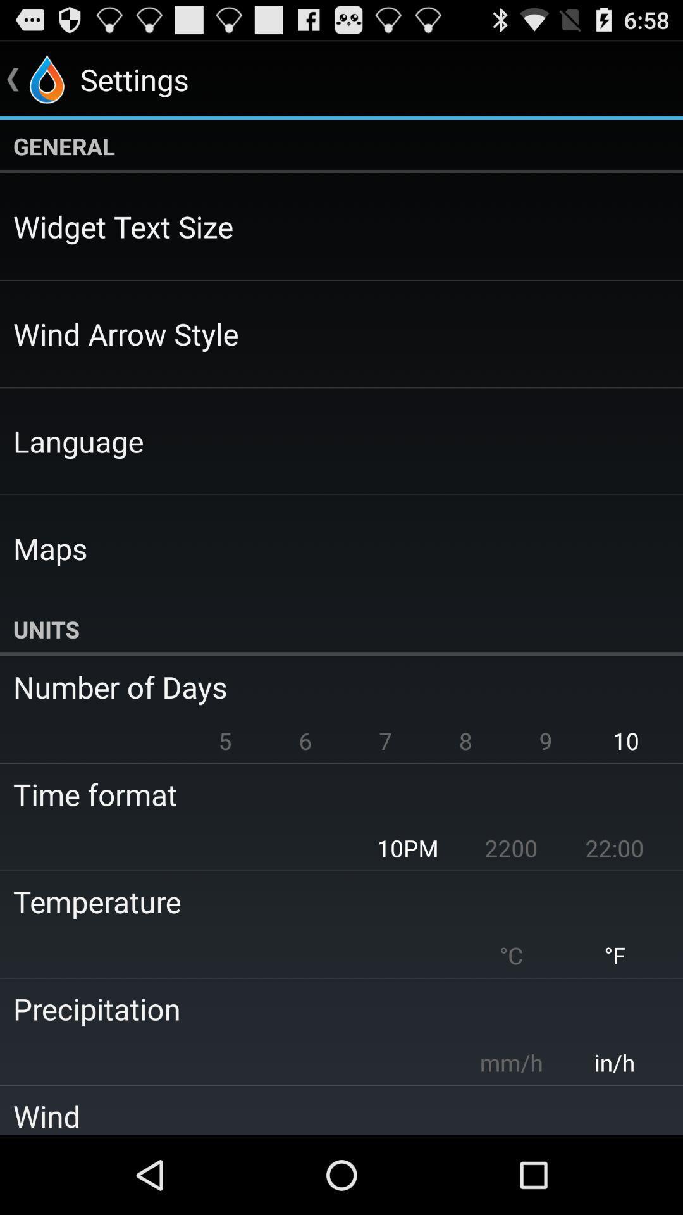 This screenshot has width=683, height=1215. Describe the element at coordinates (332, 1008) in the screenshot. I see `the app above mm/h item` at that location.